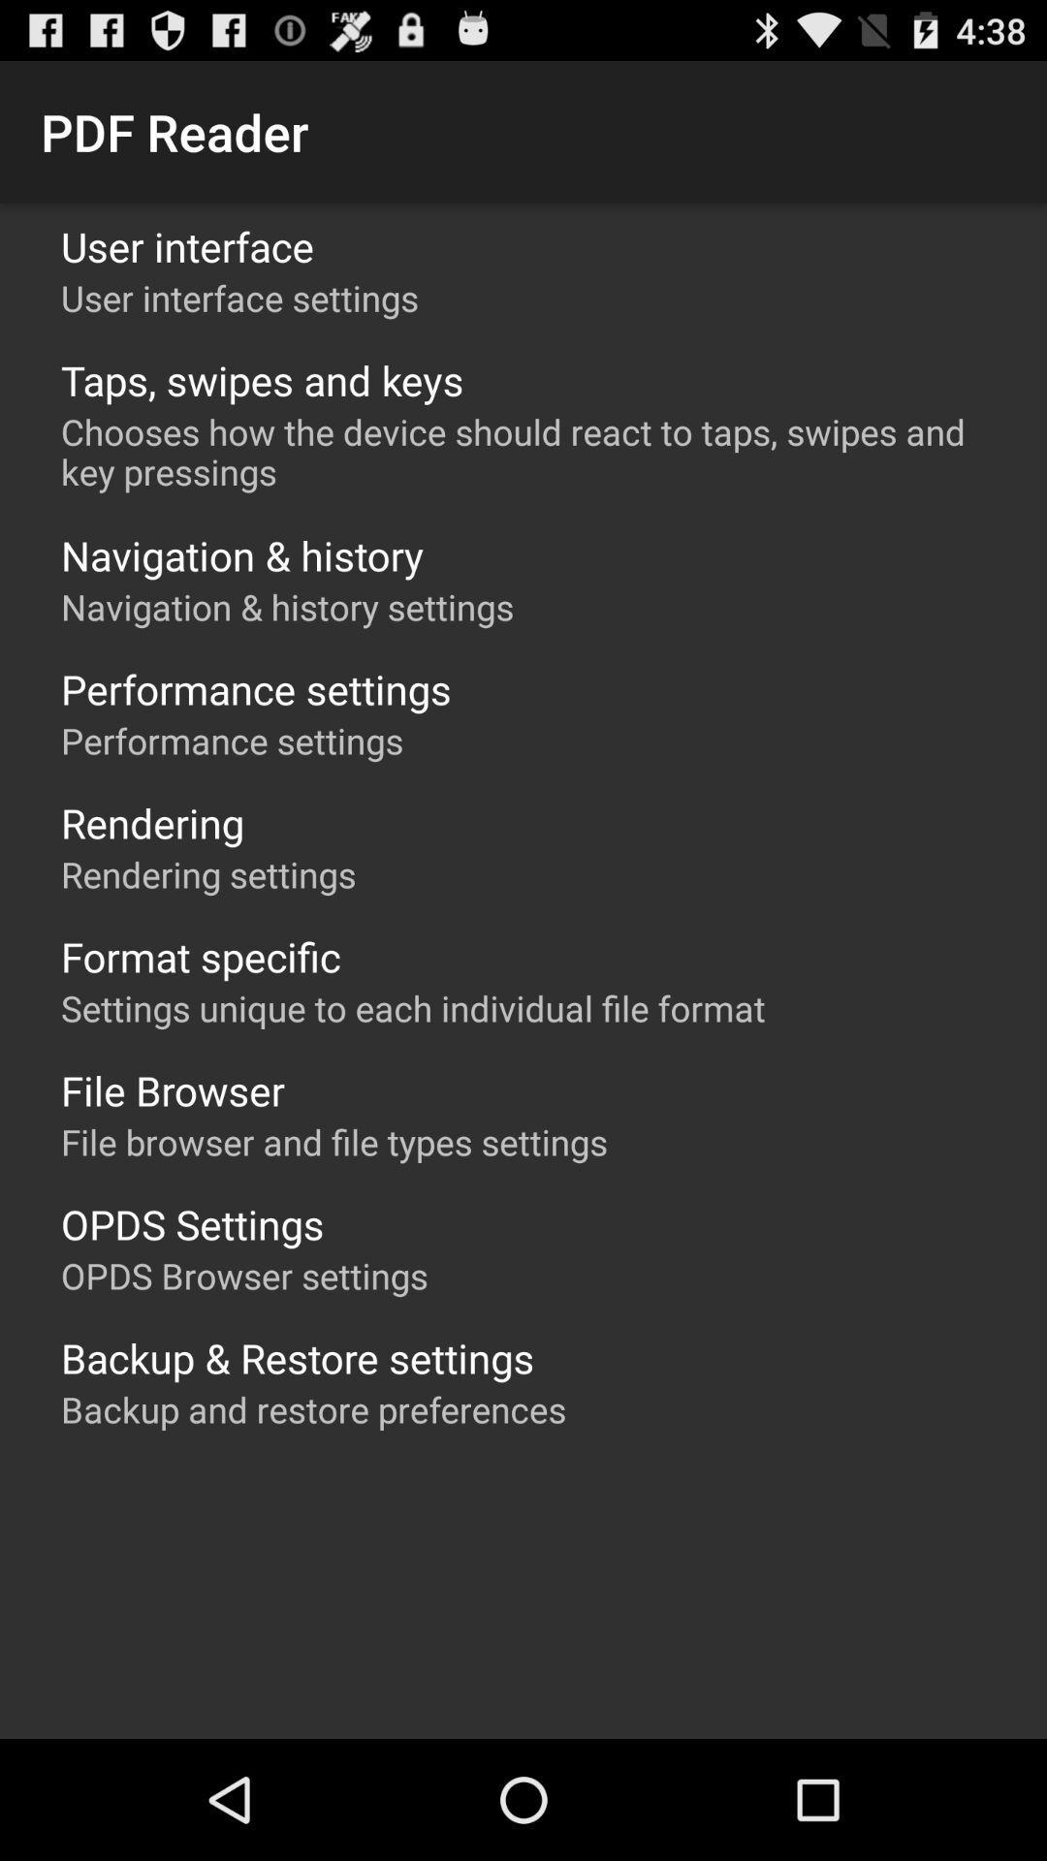 Image resolution: width=1047 pixels, height=1861 pixels. Describe the element at coordinates (201, 957) in the screenshot. I see `format specific` at that location.